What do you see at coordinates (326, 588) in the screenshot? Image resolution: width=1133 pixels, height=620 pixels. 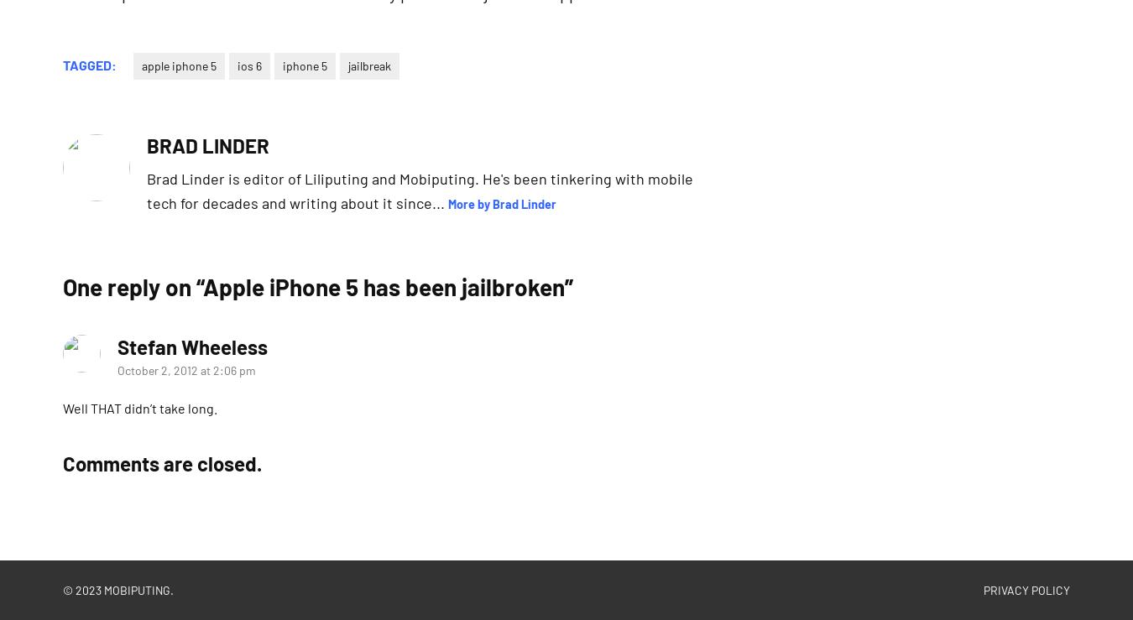 I see `'Proudly powered by Newspack by Automattic'` at bounding box center [326, 588].